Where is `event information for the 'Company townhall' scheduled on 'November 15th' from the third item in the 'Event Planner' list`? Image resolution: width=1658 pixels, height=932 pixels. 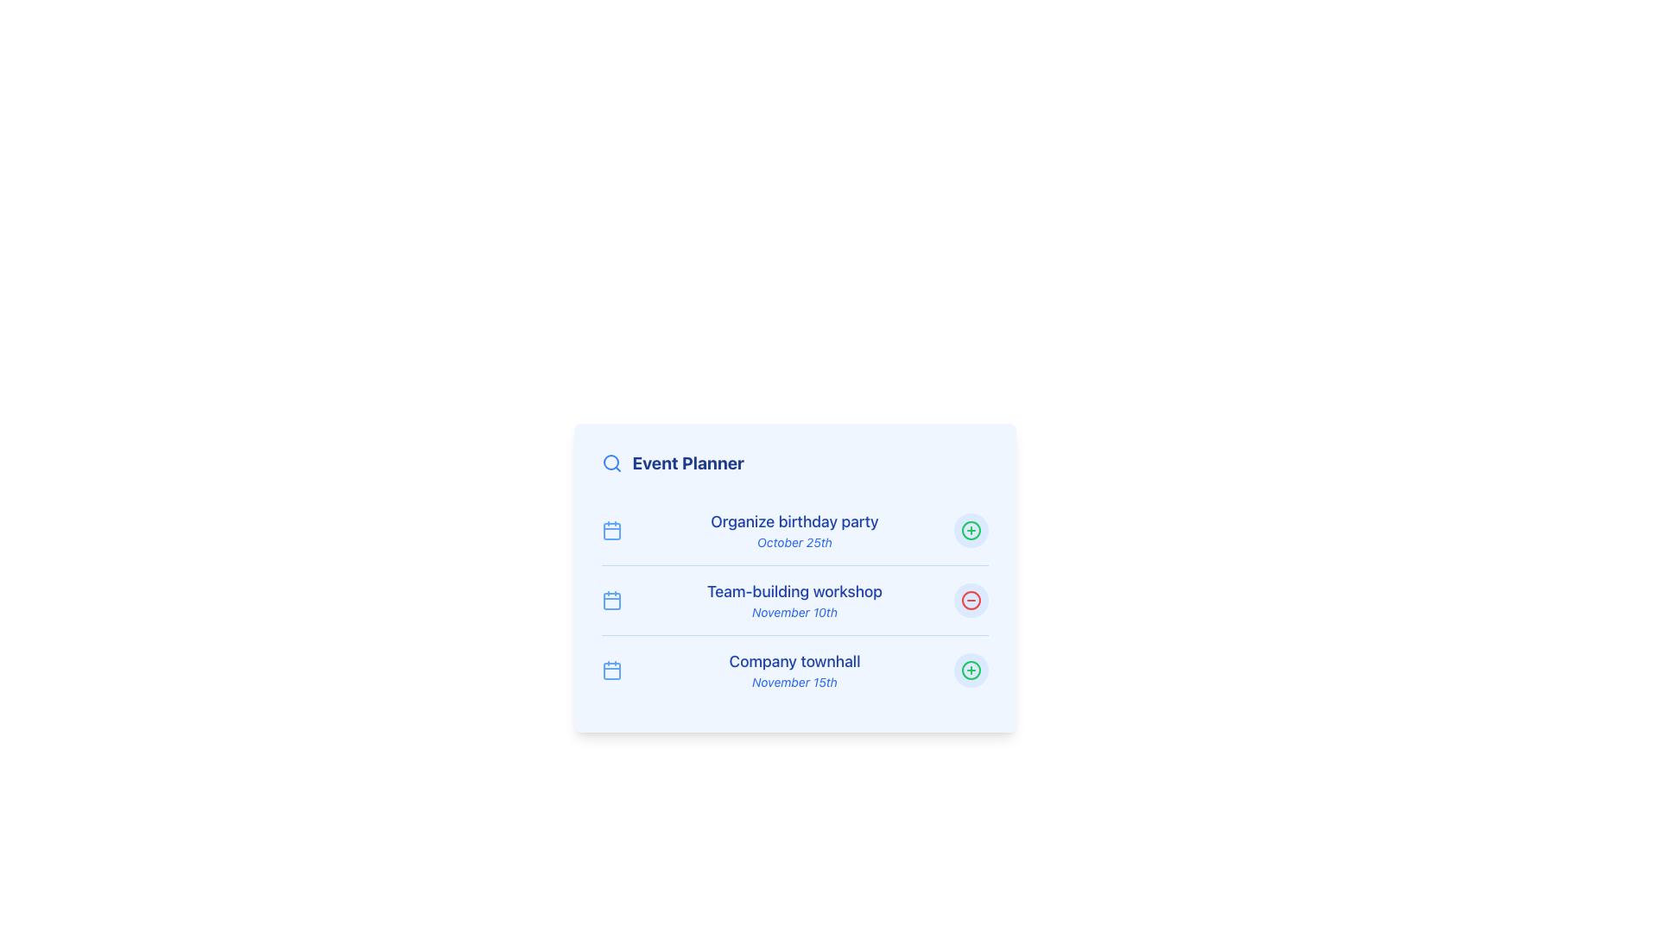
event information for the 'Company townhall' scheduled on 'November 15th' from the third item in the 'Event Planner' list is located at coordinates (794, 669).